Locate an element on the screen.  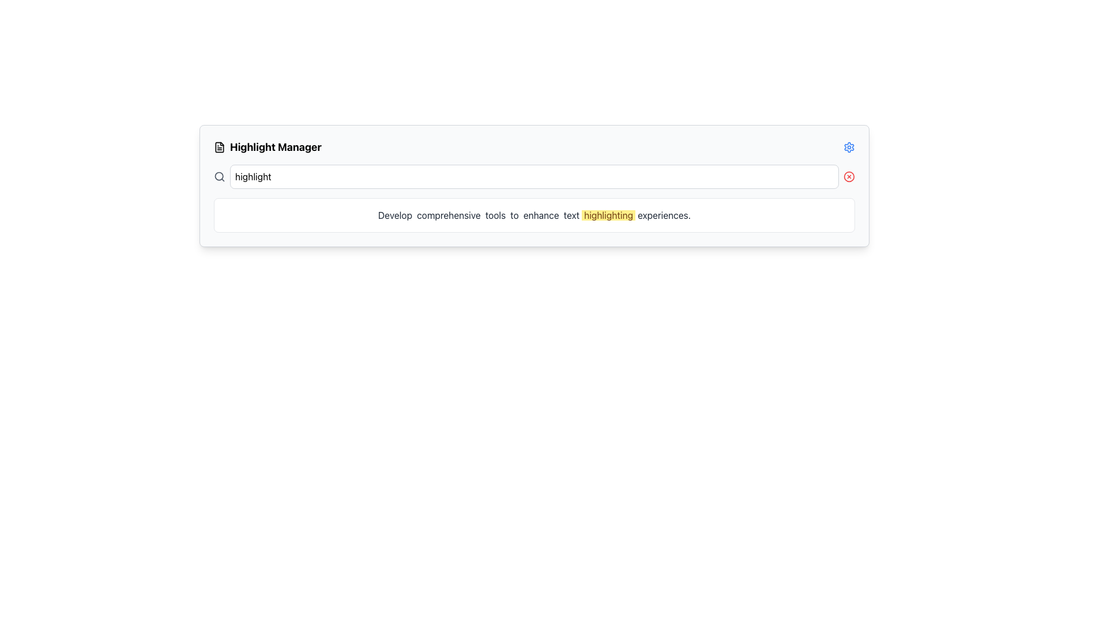
the circular-shaped magnifying glass icon located to the left of the text input box with the placeholder 'highlight' is located at coordinates (219, 177).